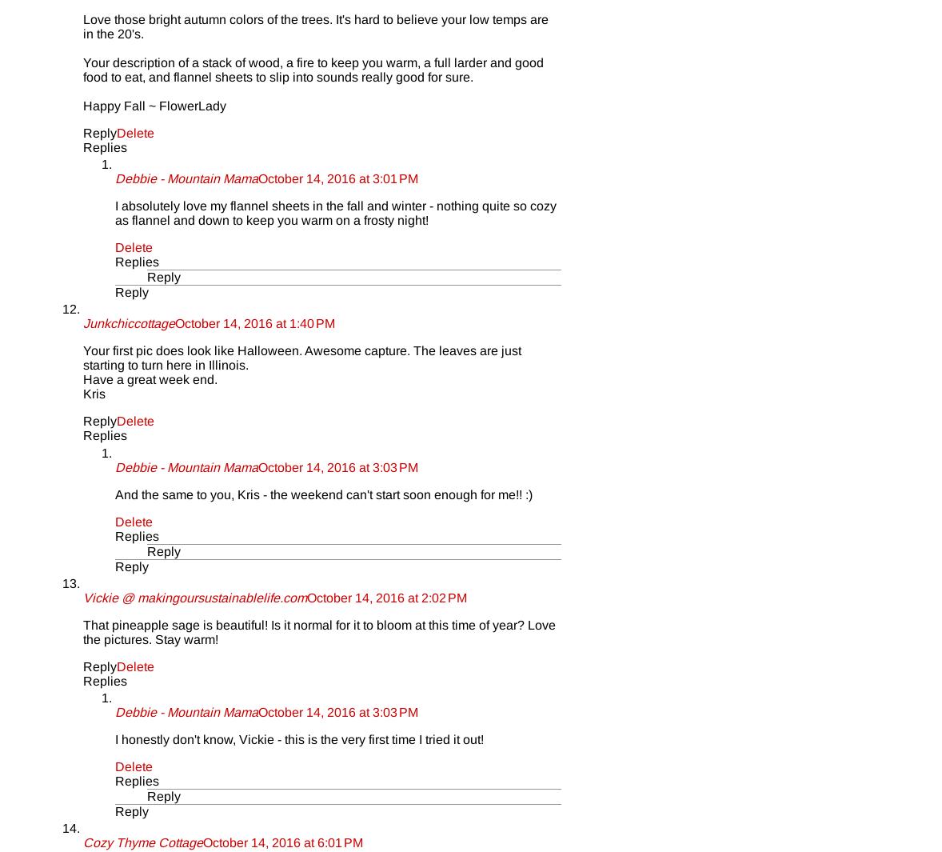 The image size is (942, 852). What do you see at coordinates (94, 393) in the screenshot?
I see `'Kris'` at bounding box center [94, 393].